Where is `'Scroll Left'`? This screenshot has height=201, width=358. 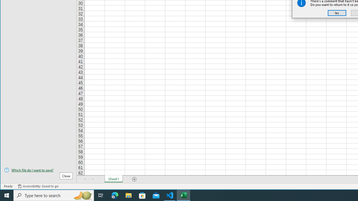 'Scroll Left' is located at coordinates (85, 179).